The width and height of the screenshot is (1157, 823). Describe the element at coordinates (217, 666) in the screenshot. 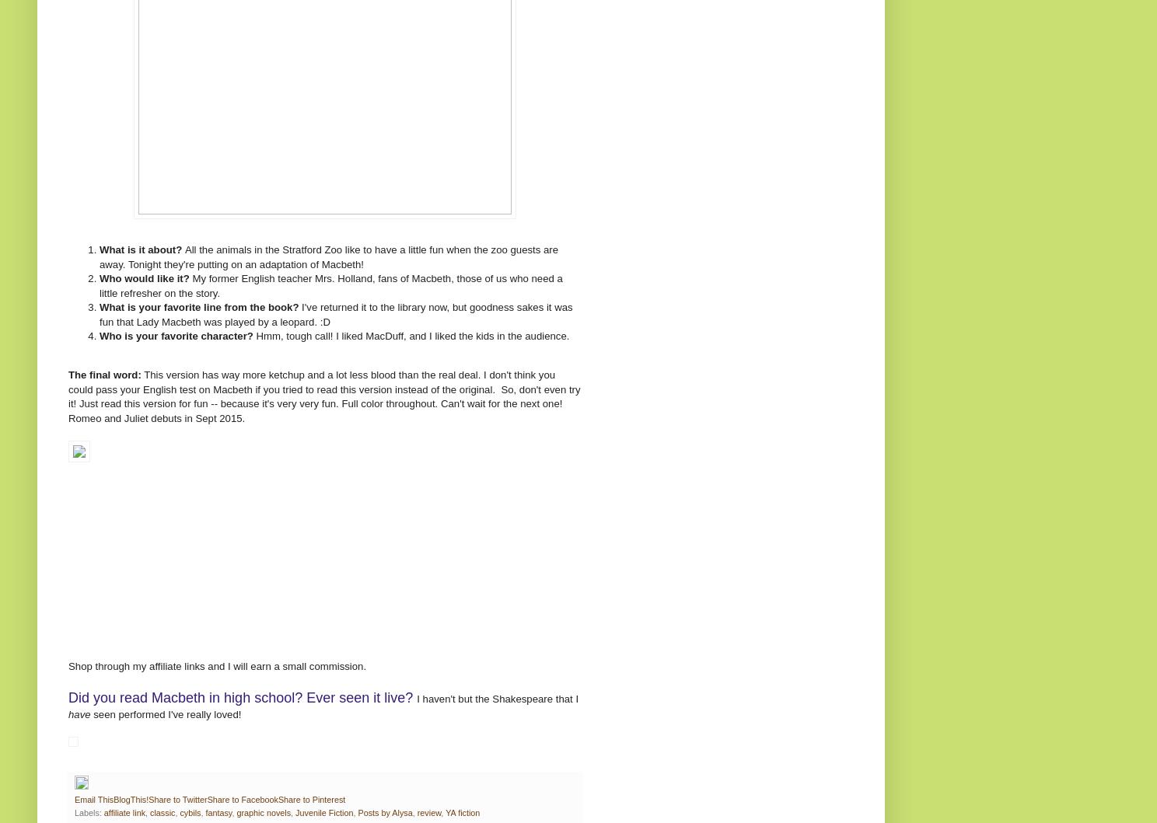

I see `'Shop through my affiliate links and I will earn a small commission.'` at that location.